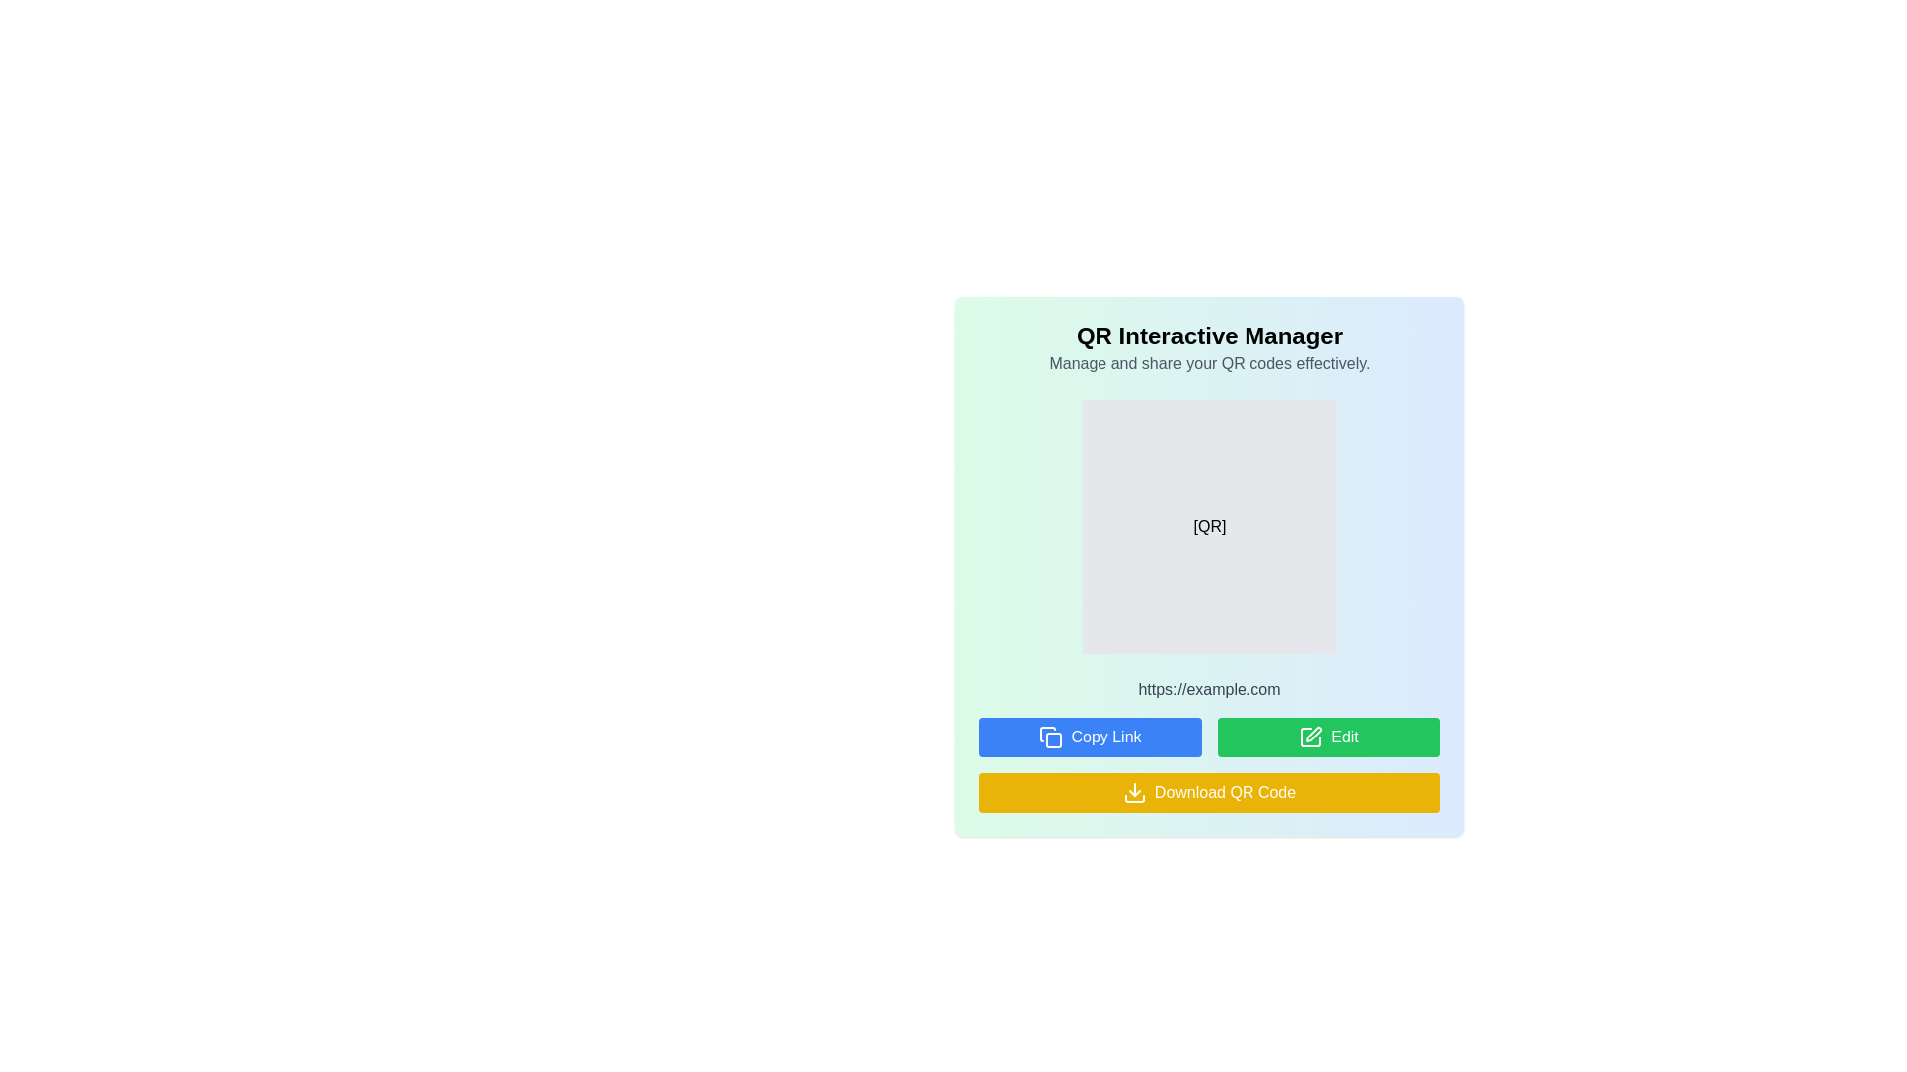 The height and width of the screenshot is (1072, 1907). I want to click on the QR code download button located at the bottom of the 'QR Interactive Manager' section to initiate a download, so click(1209, 764).